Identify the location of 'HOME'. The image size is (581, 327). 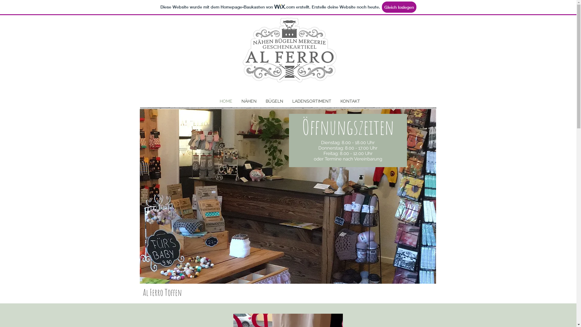
(225, 101).